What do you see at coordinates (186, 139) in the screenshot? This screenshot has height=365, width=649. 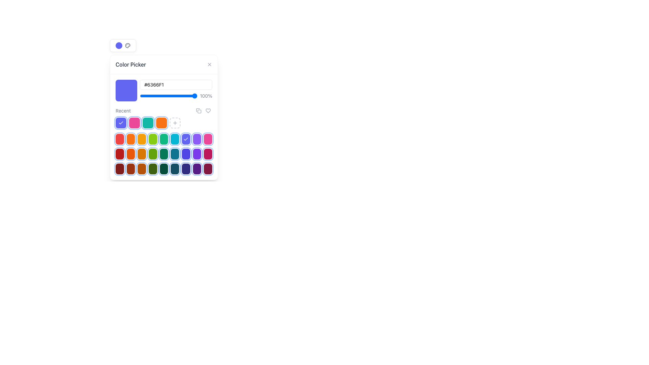 I see `the checkmark icon styled as a white stroke on a blue circular background for selection or confirmation` at bounding box center [186, 139].